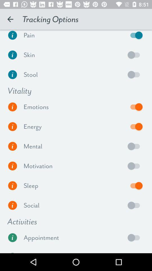  I want to click on pain tracking off, so click(135, 36).